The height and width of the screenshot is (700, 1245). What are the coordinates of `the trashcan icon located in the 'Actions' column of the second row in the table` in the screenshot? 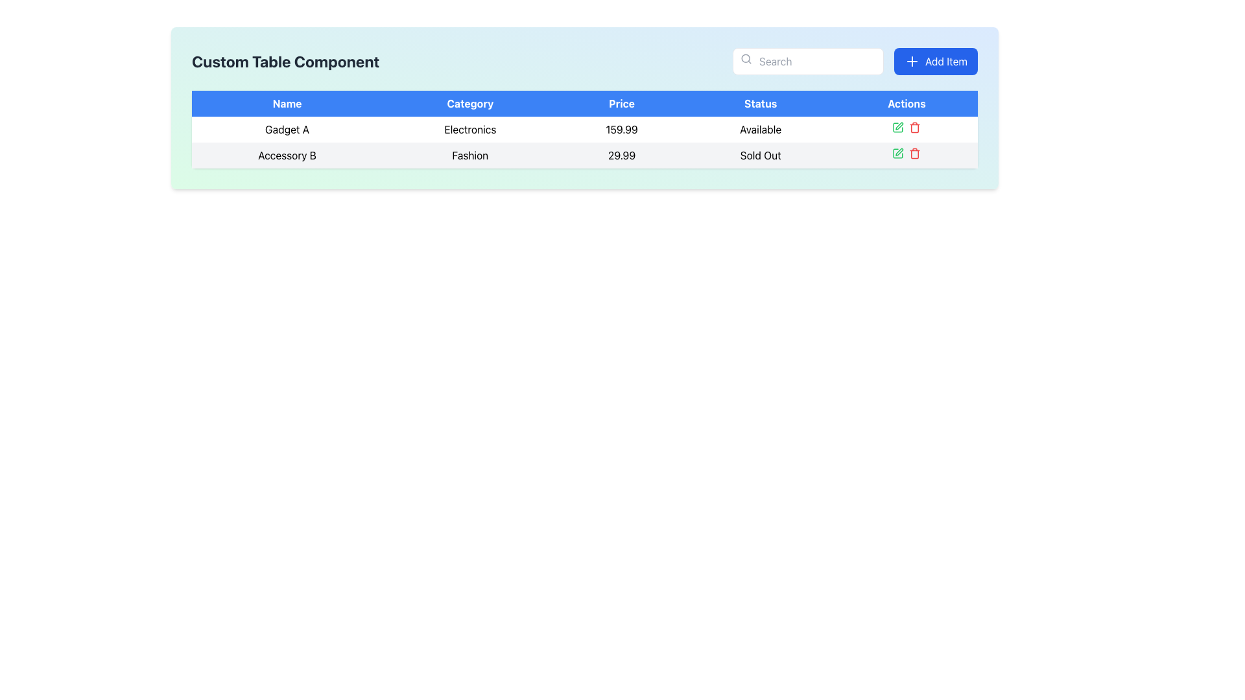 It's located at (914, 154).